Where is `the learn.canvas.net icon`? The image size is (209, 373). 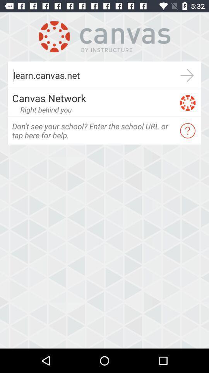 the learn.canvas.net icon is located at coordinates (90, 75).